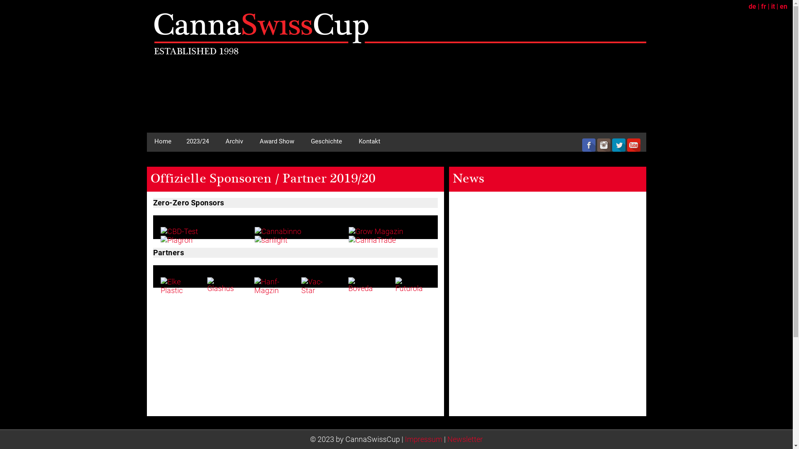  Describe the element at coordinates (348, 284) in the screenshot. I see `'Boveda'` at that location.